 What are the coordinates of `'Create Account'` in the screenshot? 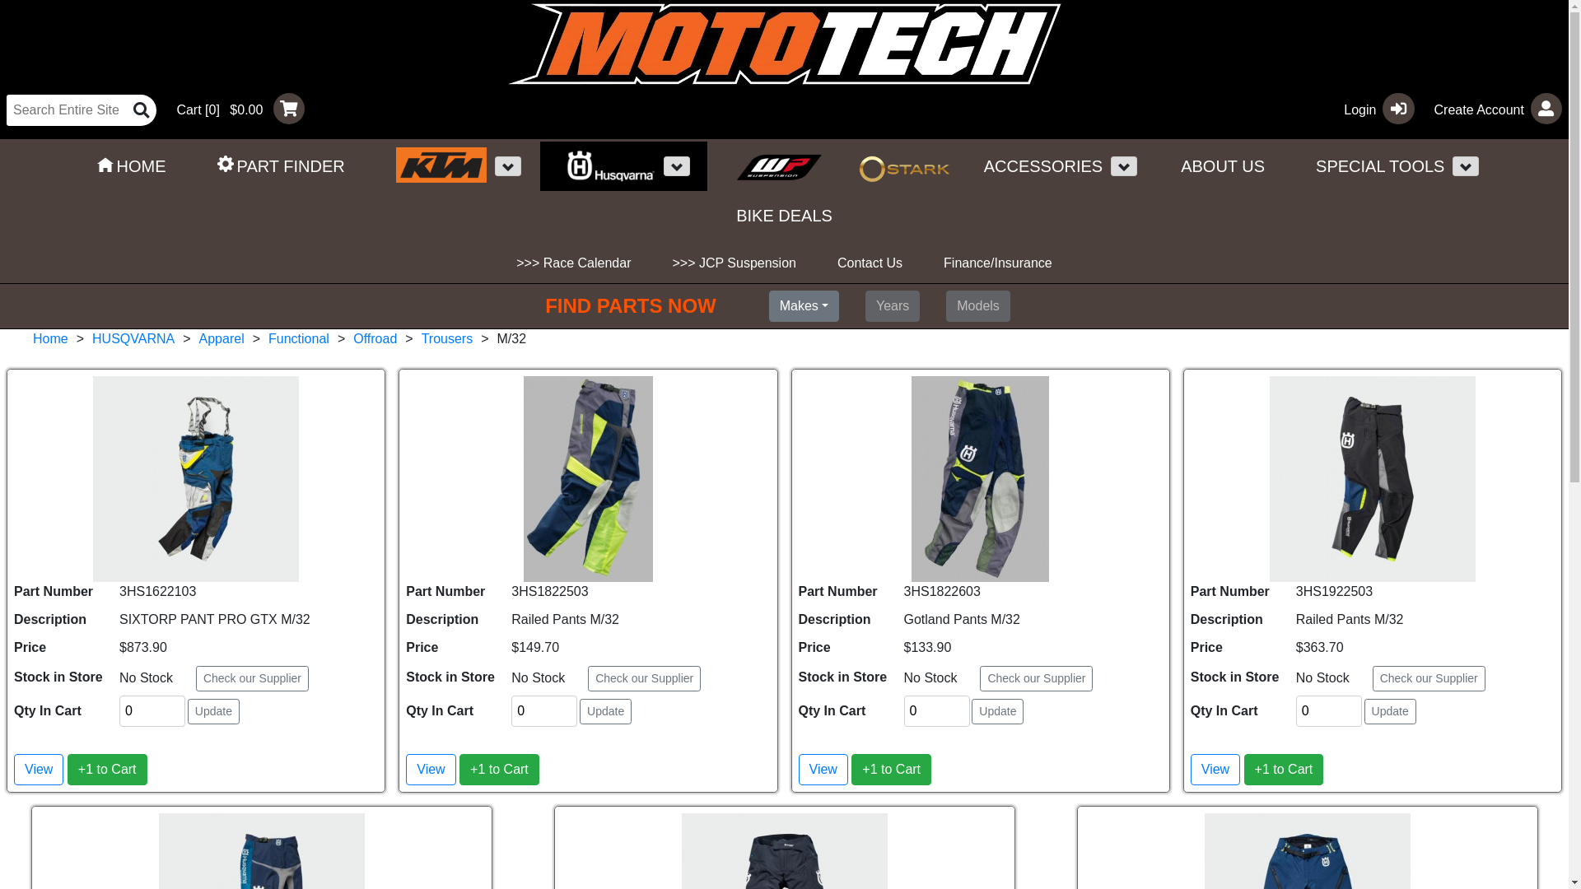 It's located at (1491, 108).